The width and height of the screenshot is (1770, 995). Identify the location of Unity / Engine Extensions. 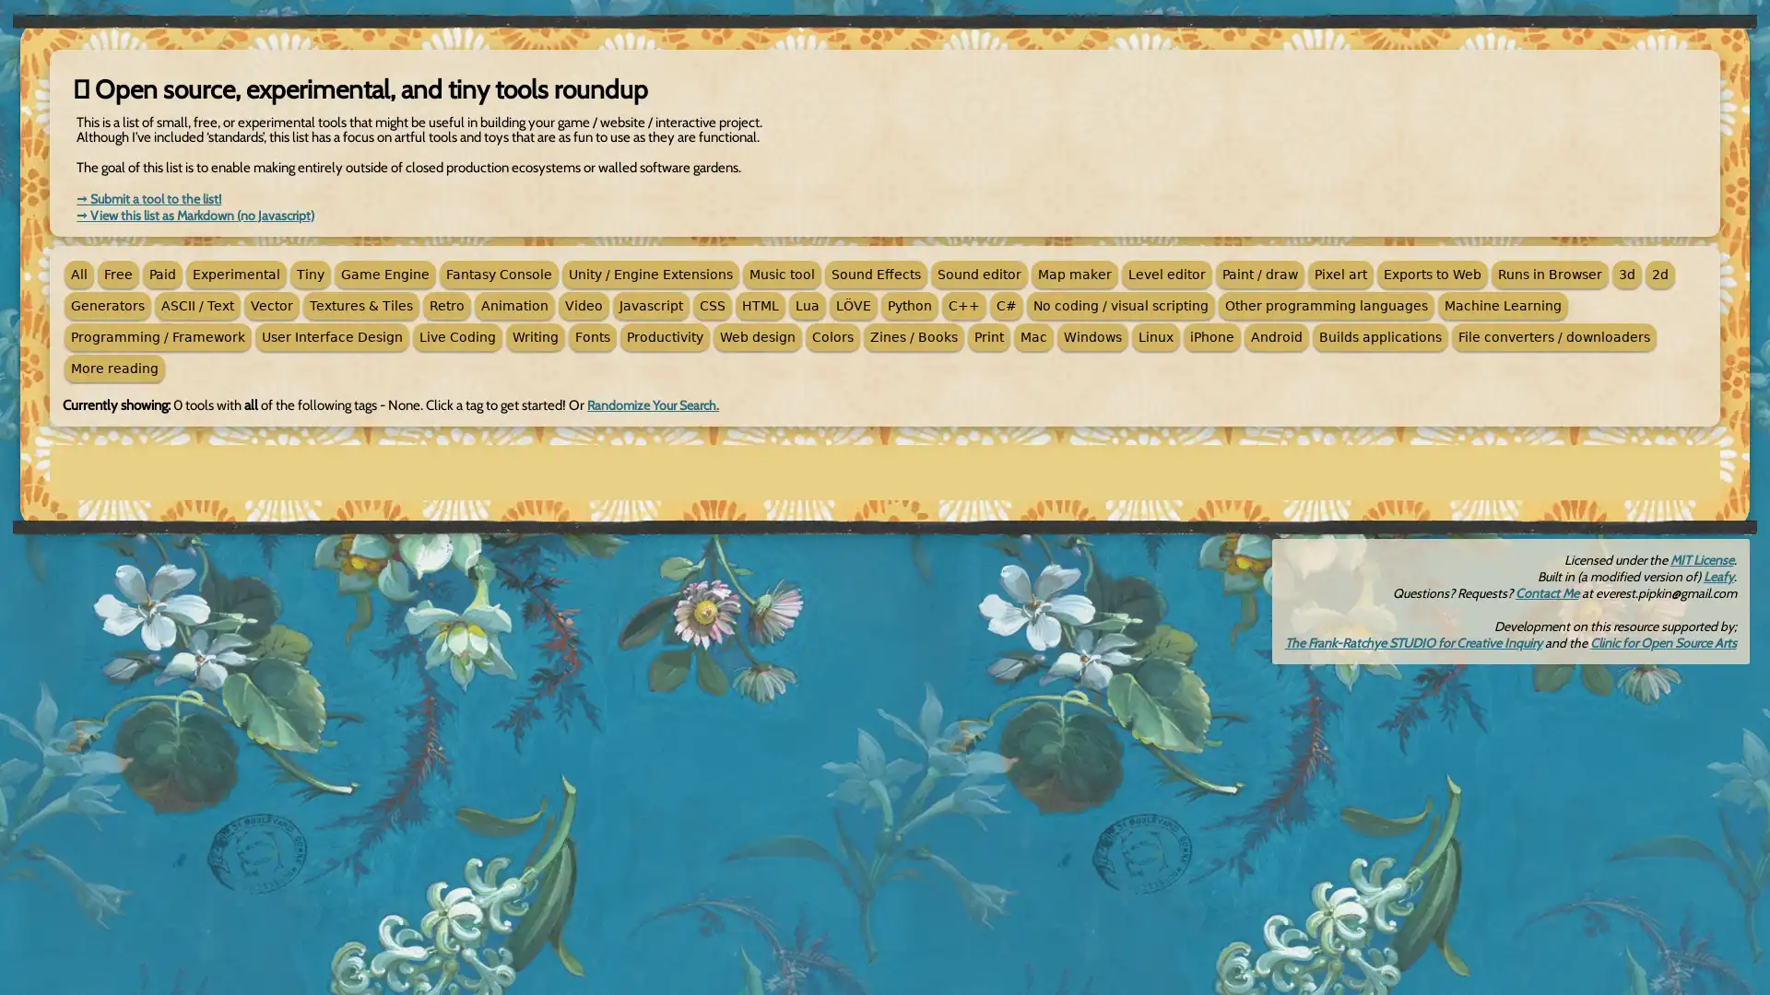
(650, 274).